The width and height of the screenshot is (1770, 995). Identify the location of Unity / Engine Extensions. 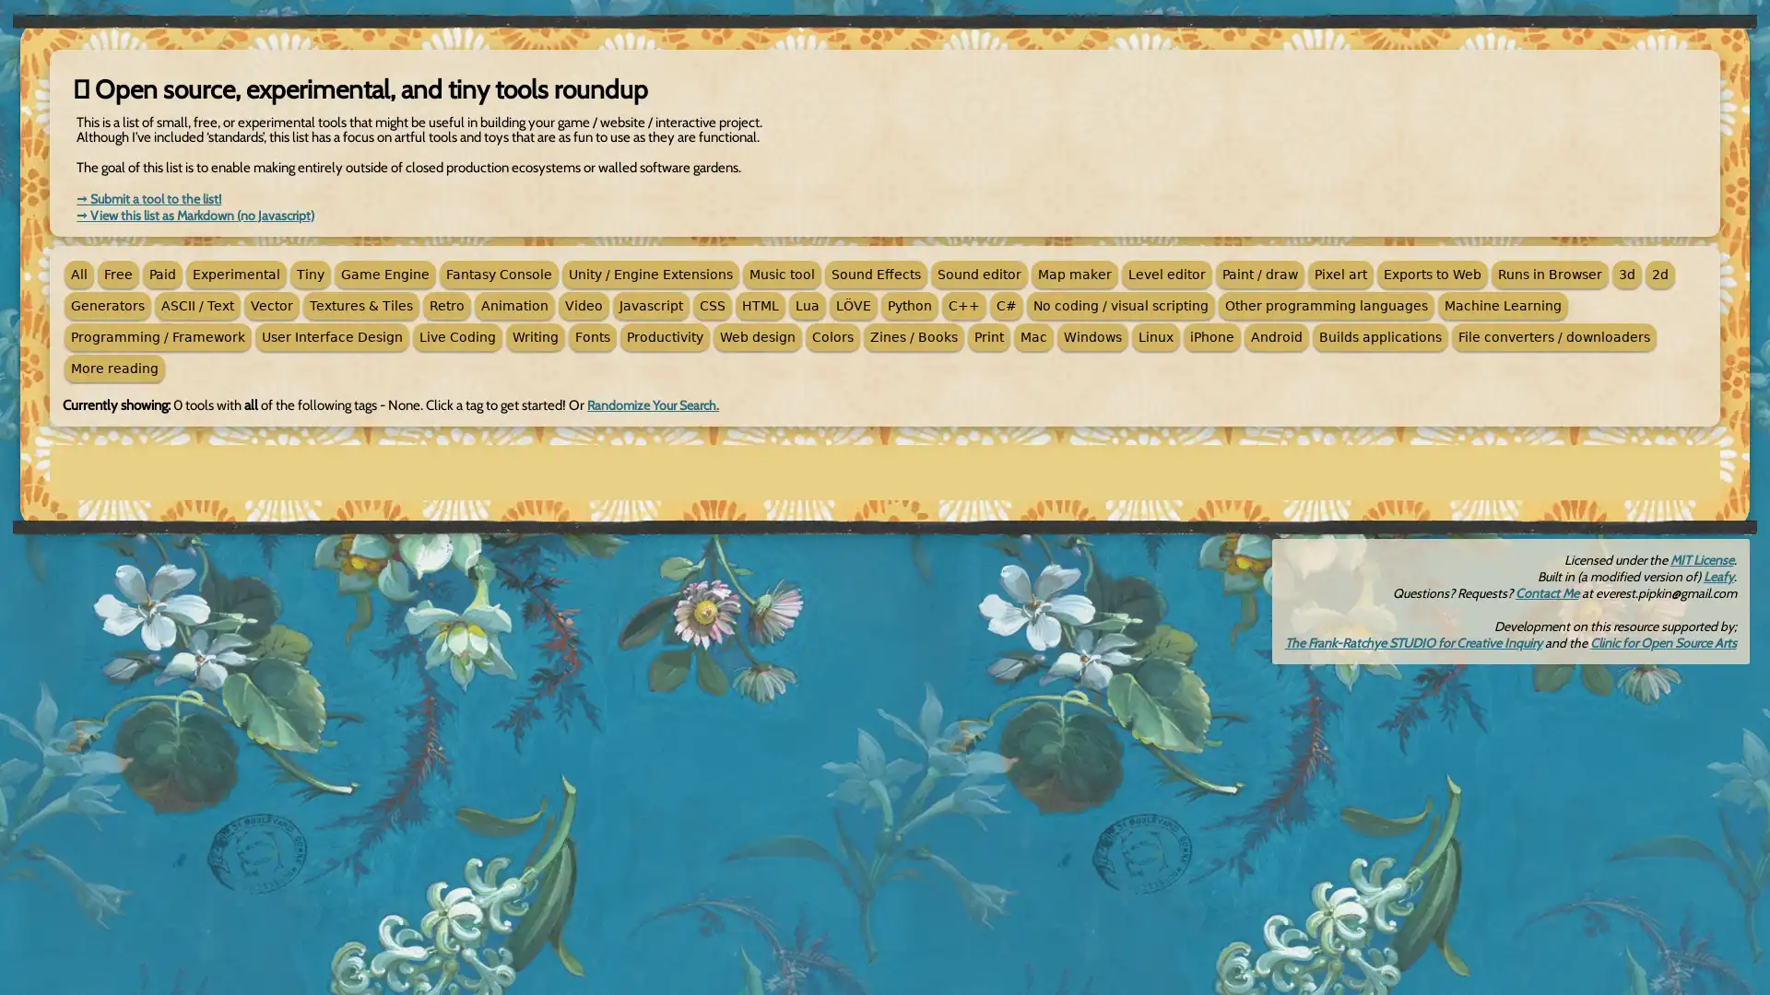
(650, 274).